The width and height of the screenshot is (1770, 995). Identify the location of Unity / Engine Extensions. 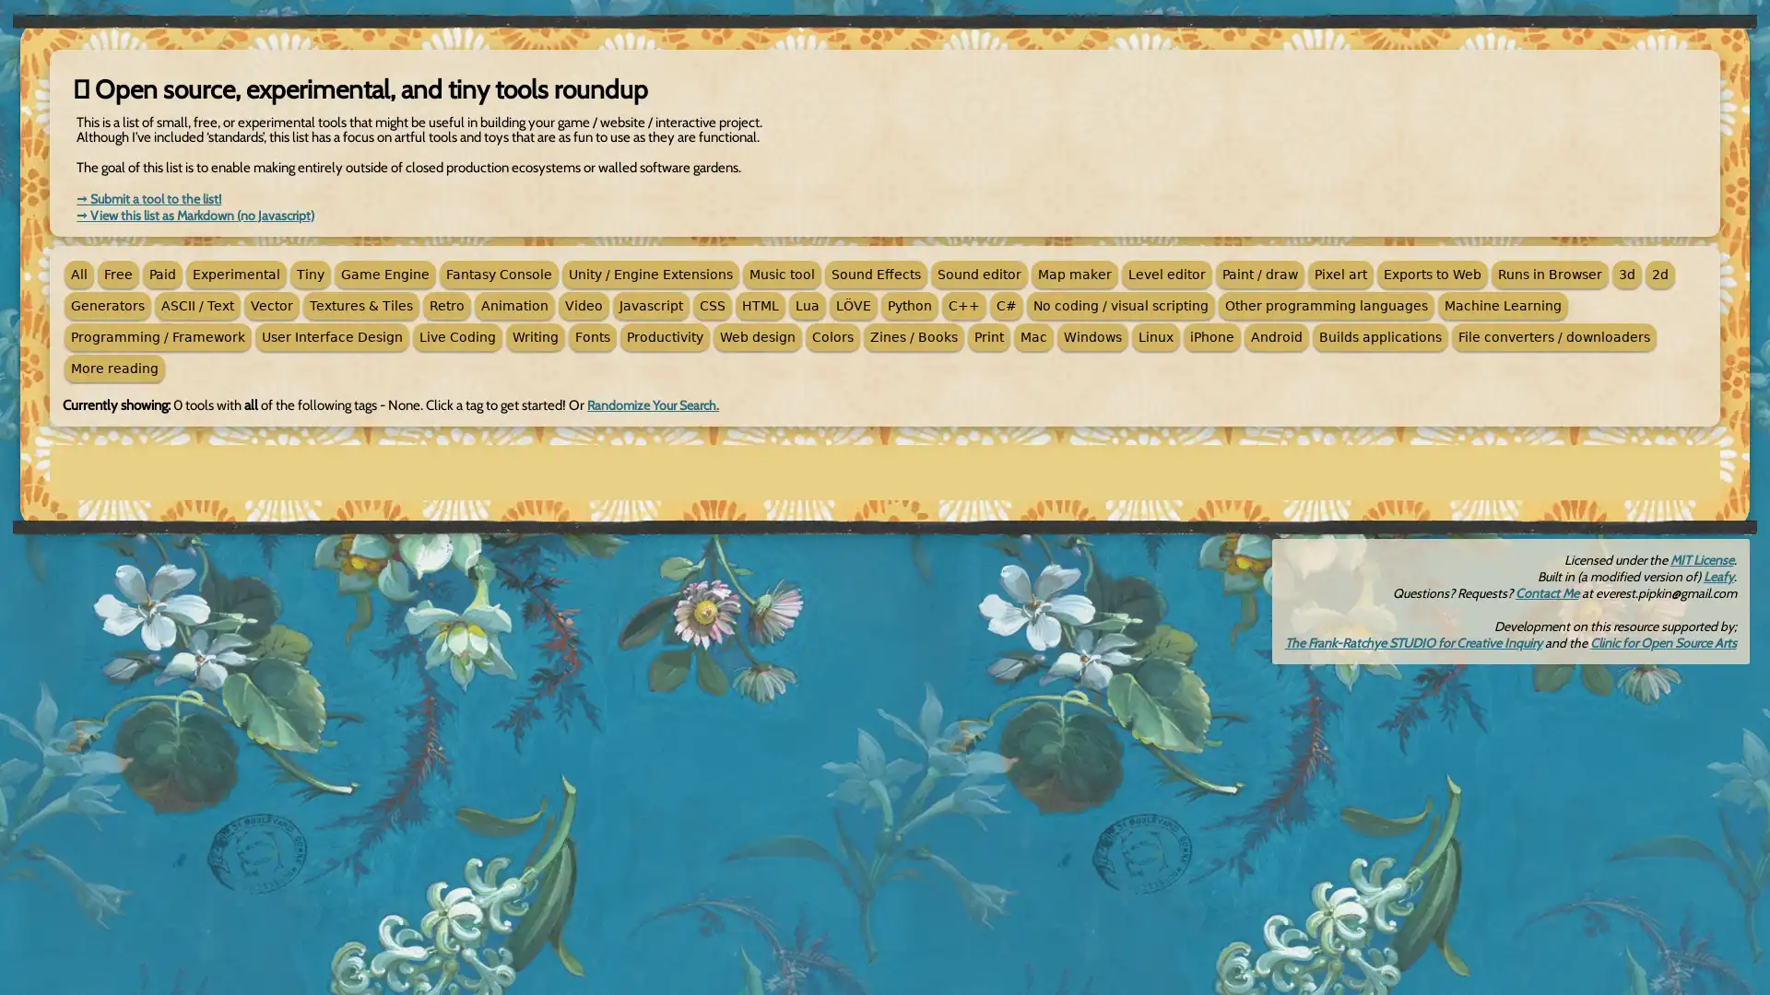
(650, 274).